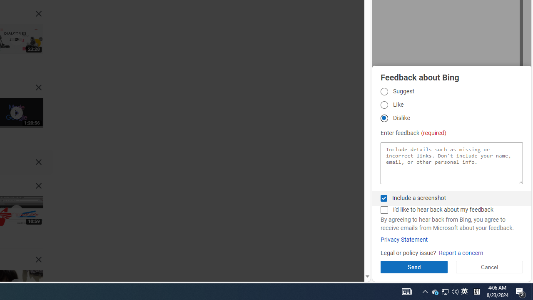 The height and width of the screenshot is (300, 533). Describe the element at coordinates (384, 91) in the screenshot. I see `'AutomationID: fbpgdgtp1'` at that location.